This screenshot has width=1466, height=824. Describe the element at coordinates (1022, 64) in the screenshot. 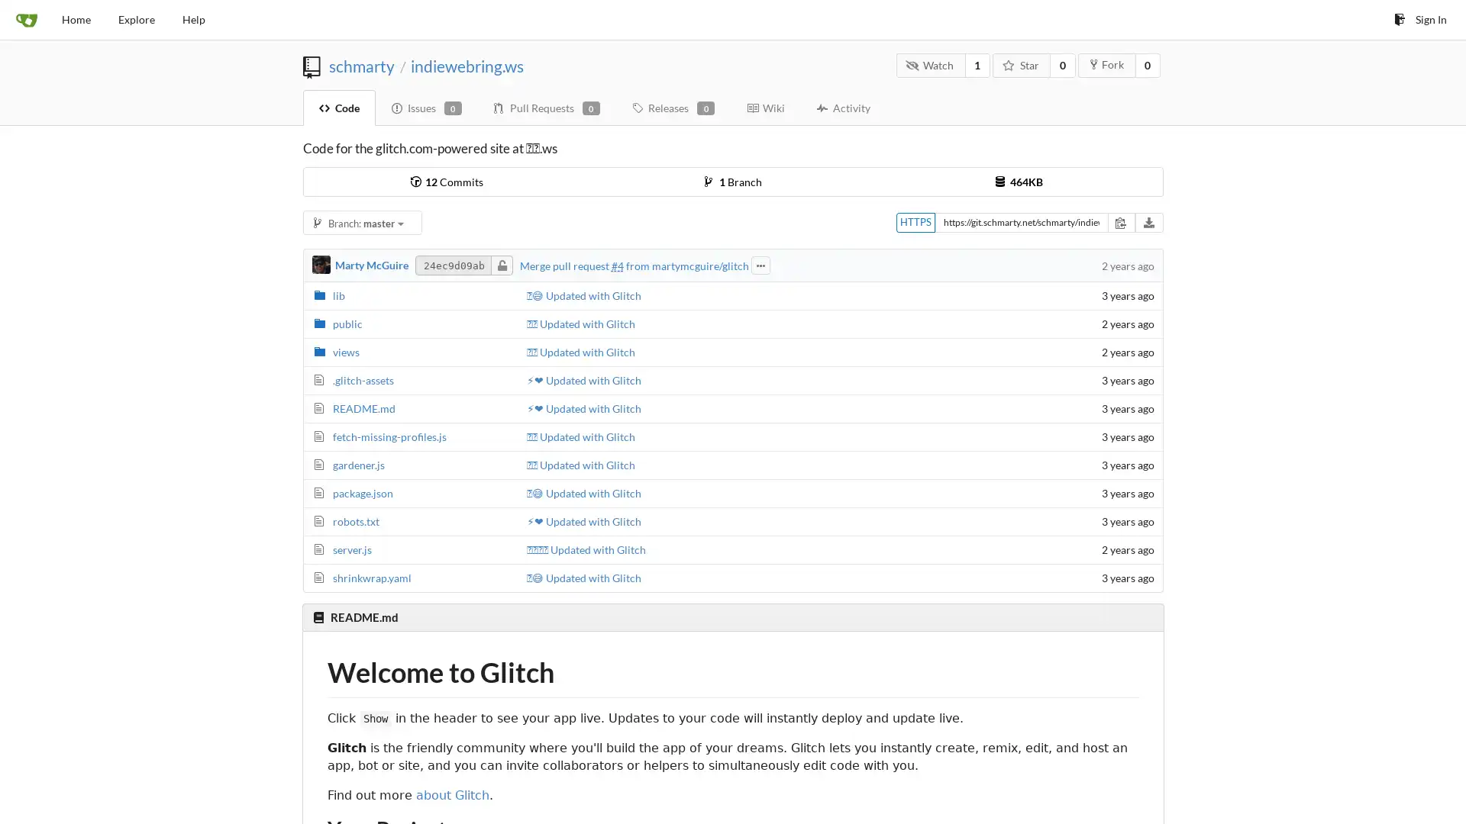

I see `Star` at that location.